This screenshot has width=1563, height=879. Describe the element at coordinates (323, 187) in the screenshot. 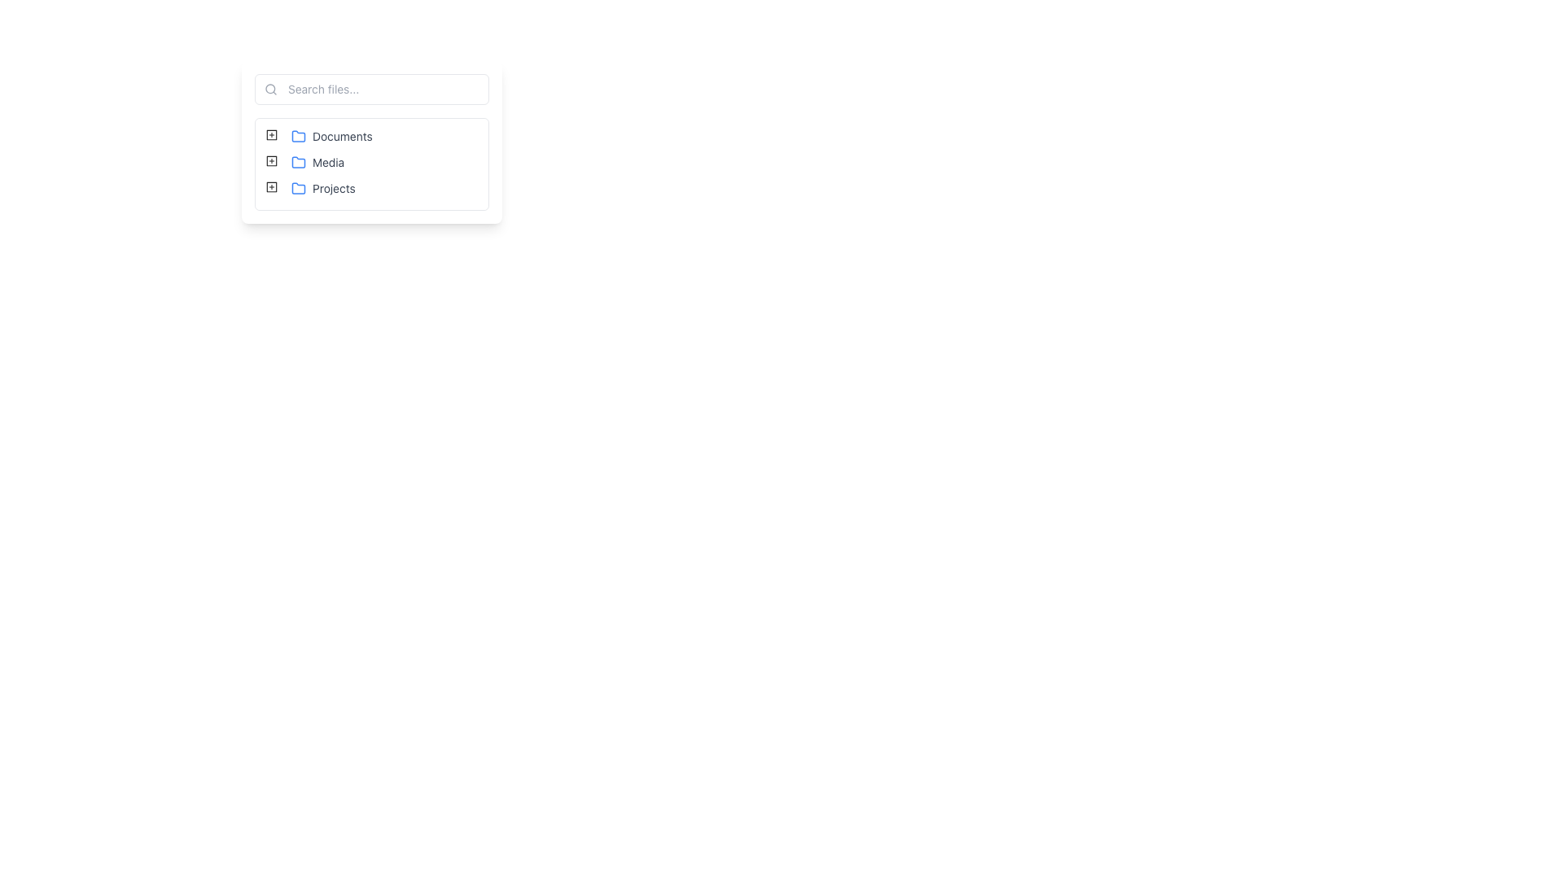

I see `the 'Projects' text label, which is styled with a small gray font and positioned next to a blue outlined folder icon in a hierarchical tree structure` at that location.